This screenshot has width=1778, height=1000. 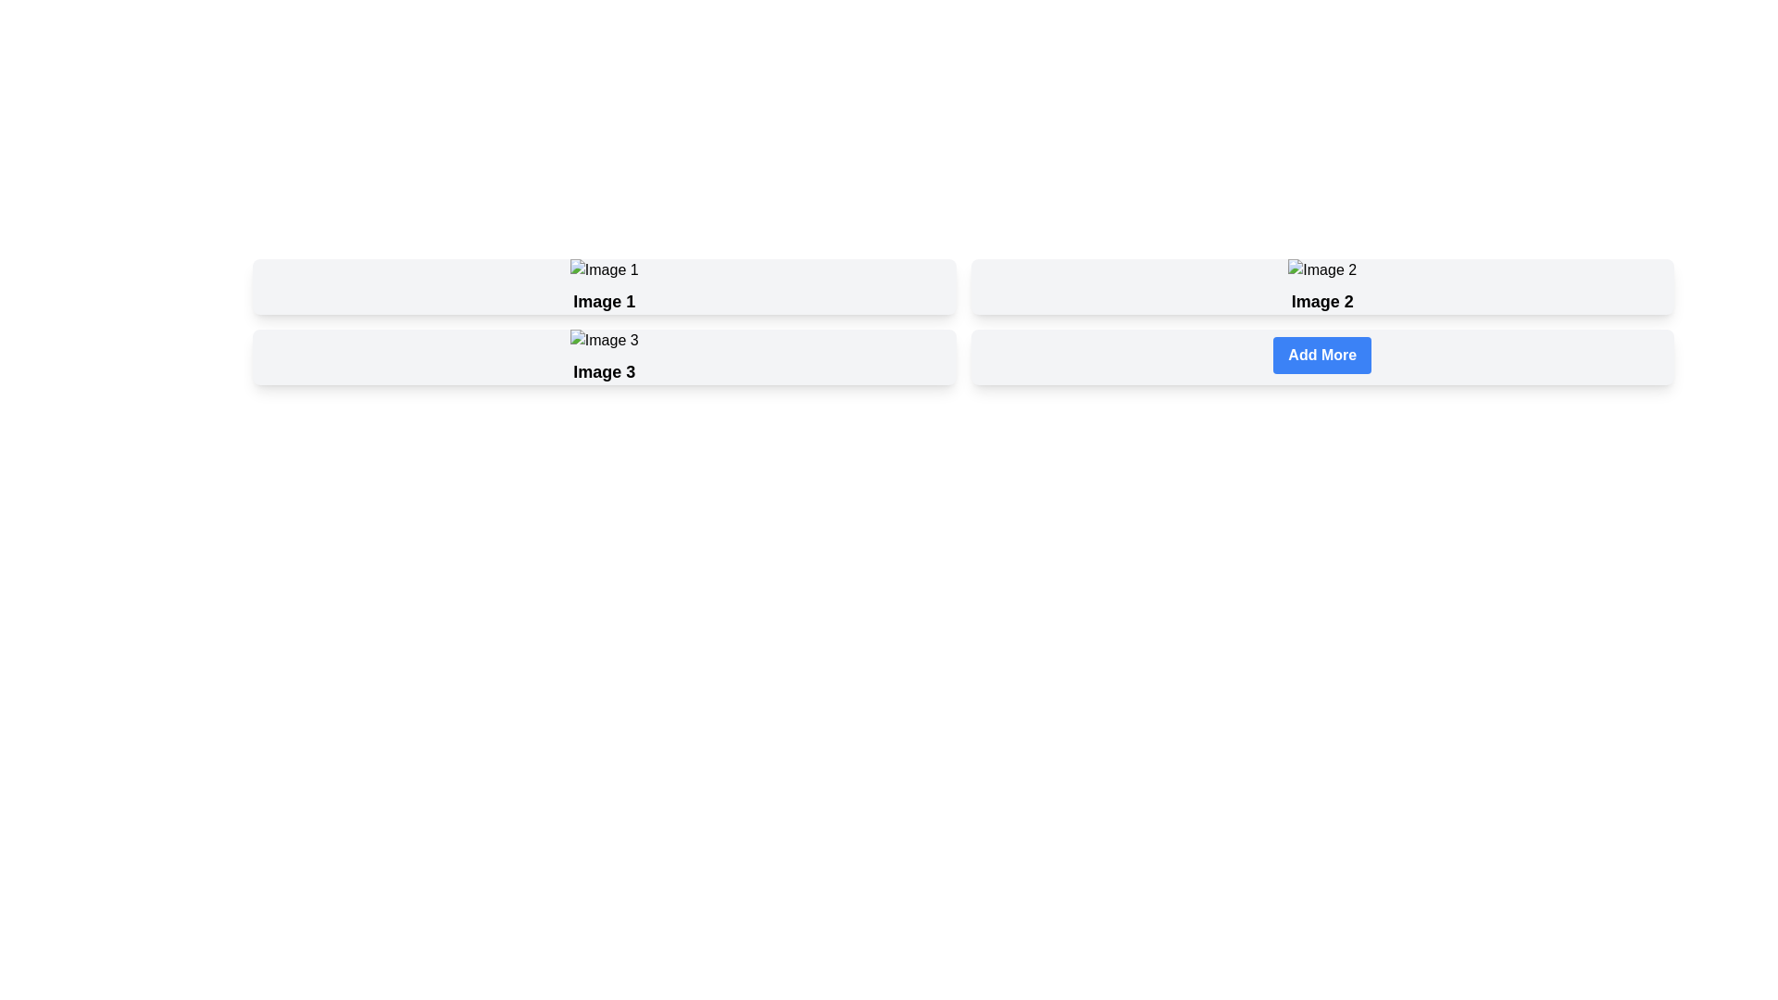 What do you see at coordinates (1321, 356) in the screenshot?
I see `the 'Add More' button located in the bottom-right section of the grid layout` at bounding box center [1321, 356].